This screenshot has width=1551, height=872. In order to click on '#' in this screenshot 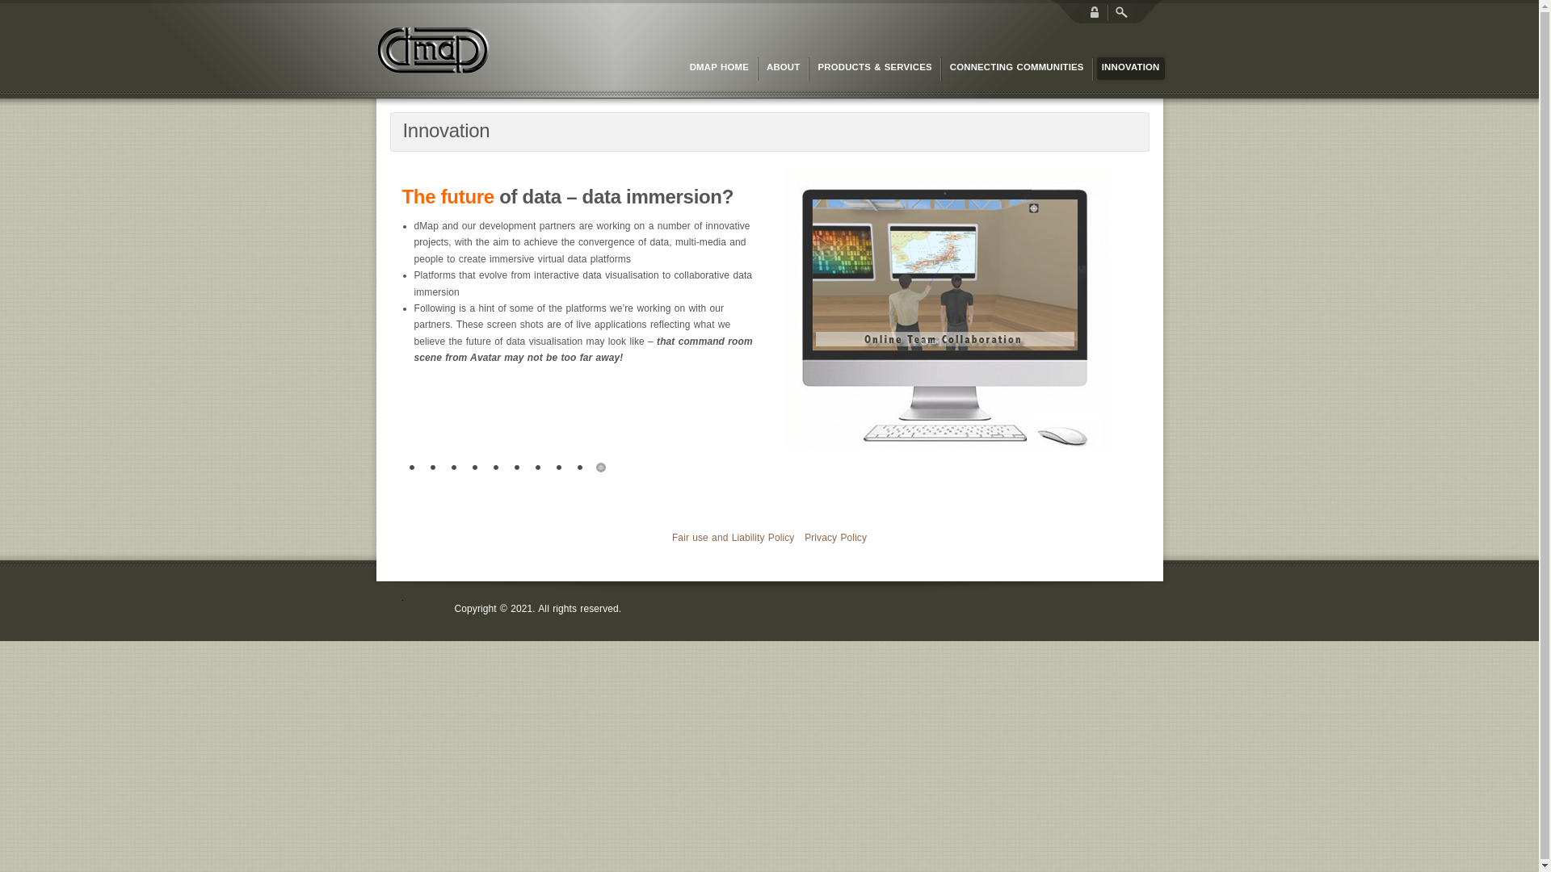, I will do `click(538, 467)`.